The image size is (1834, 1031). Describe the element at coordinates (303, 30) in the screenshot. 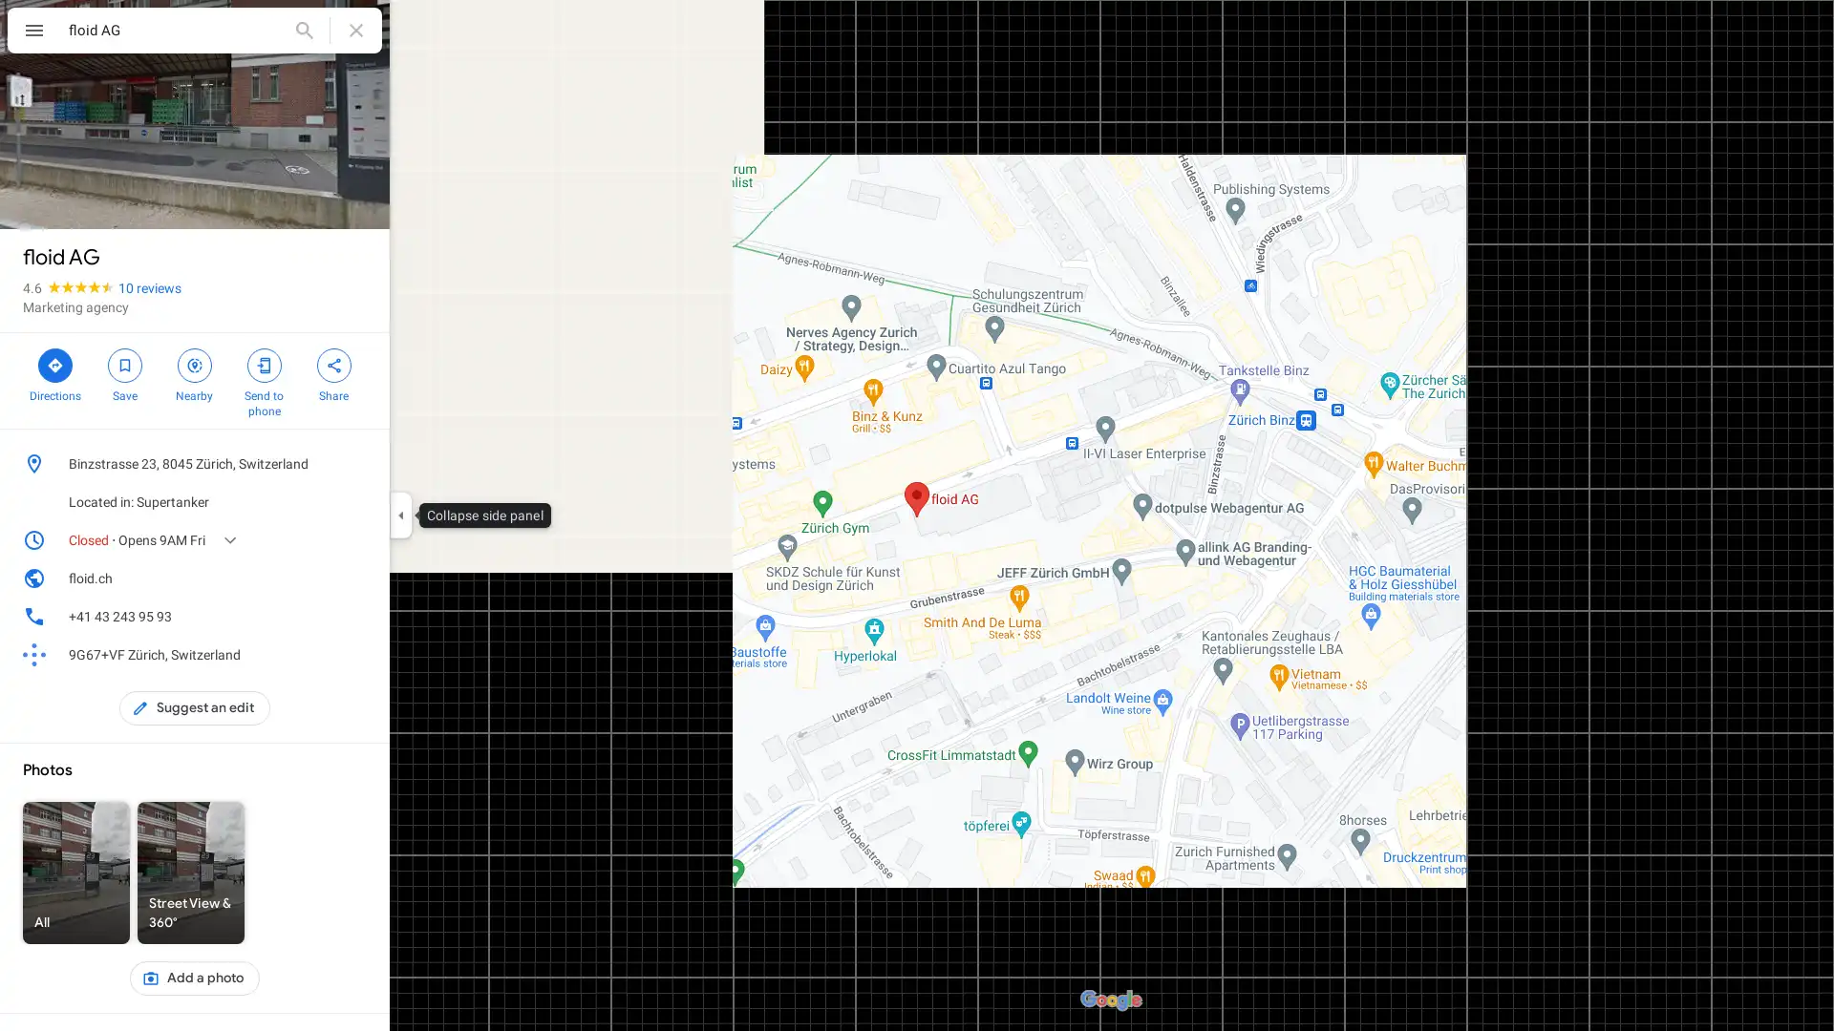

I see `Search` at that location.